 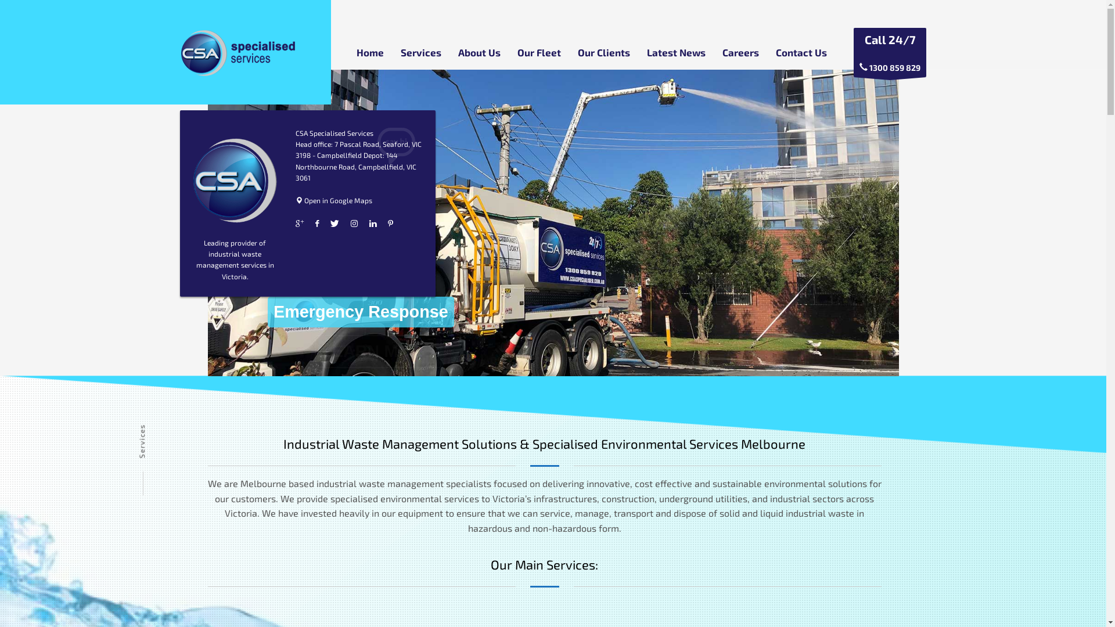 What do you see at coordinates (889, 52) in the screenshot?
I see `'Call 24/7` at bounding box center [889, 52].